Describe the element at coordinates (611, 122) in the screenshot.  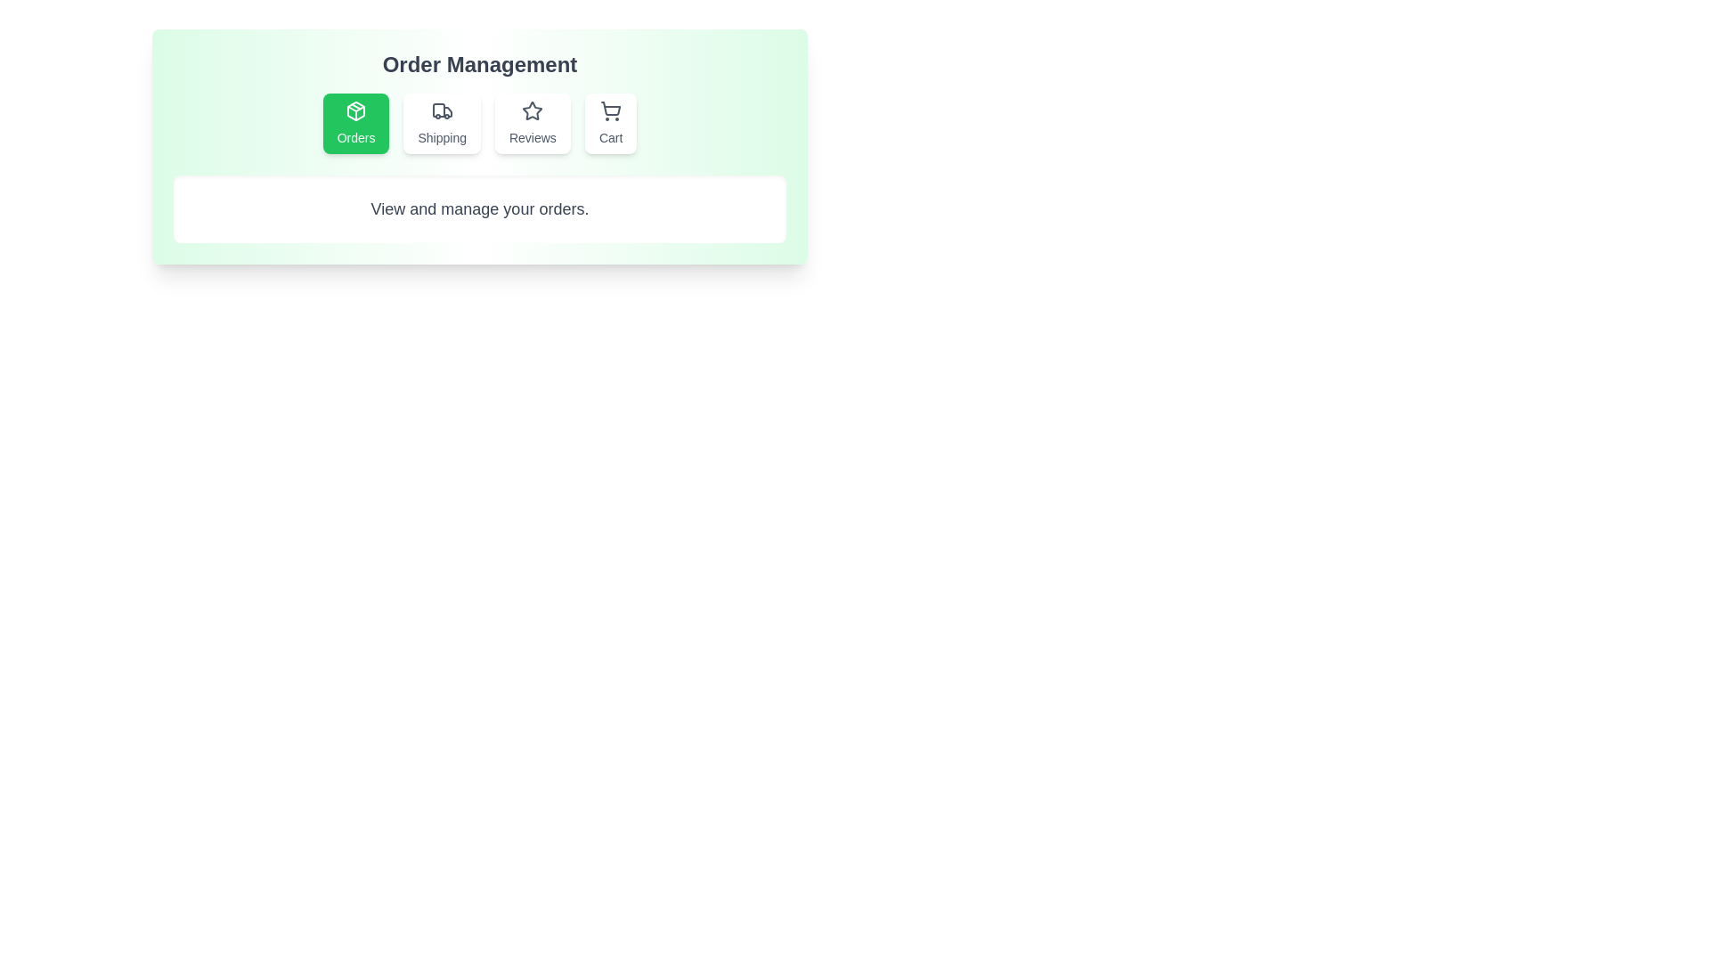
I see `the vertically aligned button with a shopping cart icon and 'Cart' text` at that location.